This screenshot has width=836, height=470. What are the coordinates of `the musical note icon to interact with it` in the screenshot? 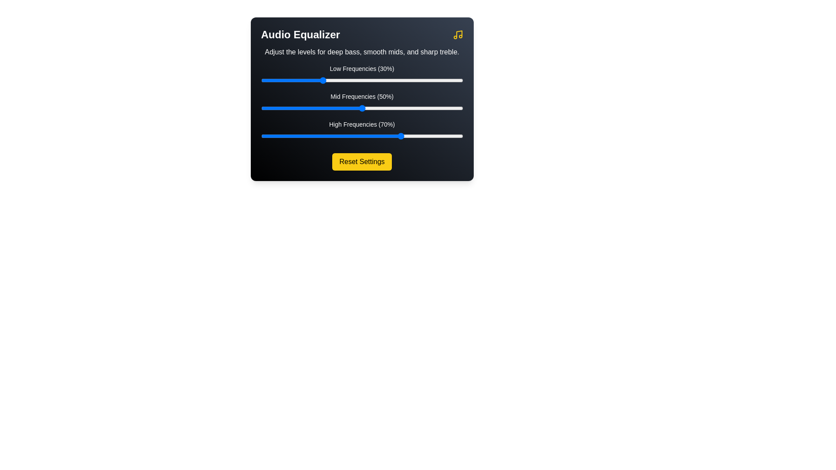 It's located at (457, 34).